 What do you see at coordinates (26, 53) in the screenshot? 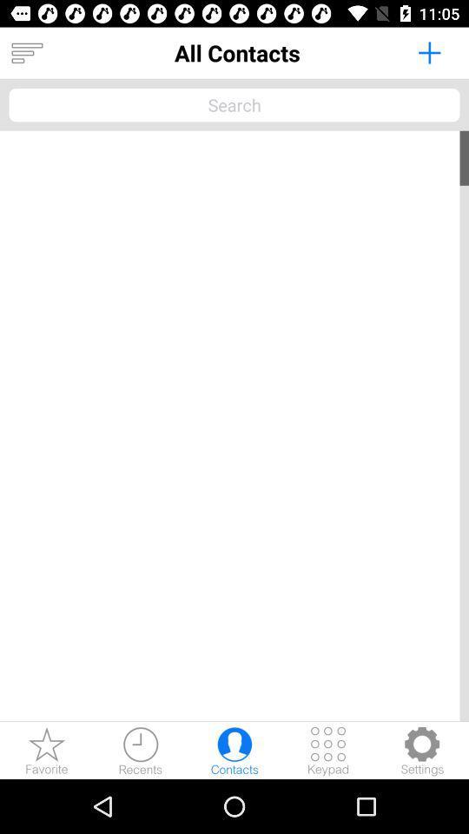
I see `more options` at bounding box center [26, 53].